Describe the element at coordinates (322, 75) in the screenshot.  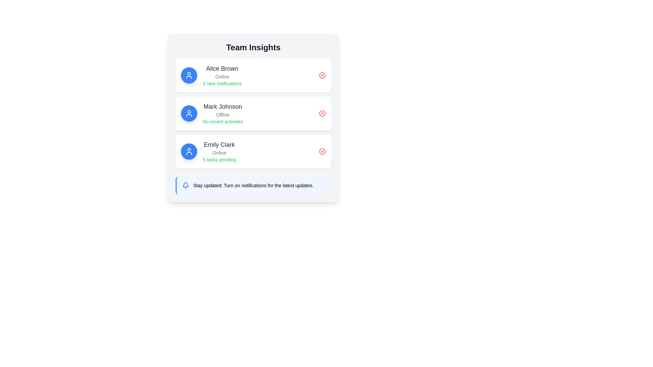
I see `the close button icon located on the right-hand side of the user card labeled 'Alice Brown', which is the first close button in a list of three` at that location.